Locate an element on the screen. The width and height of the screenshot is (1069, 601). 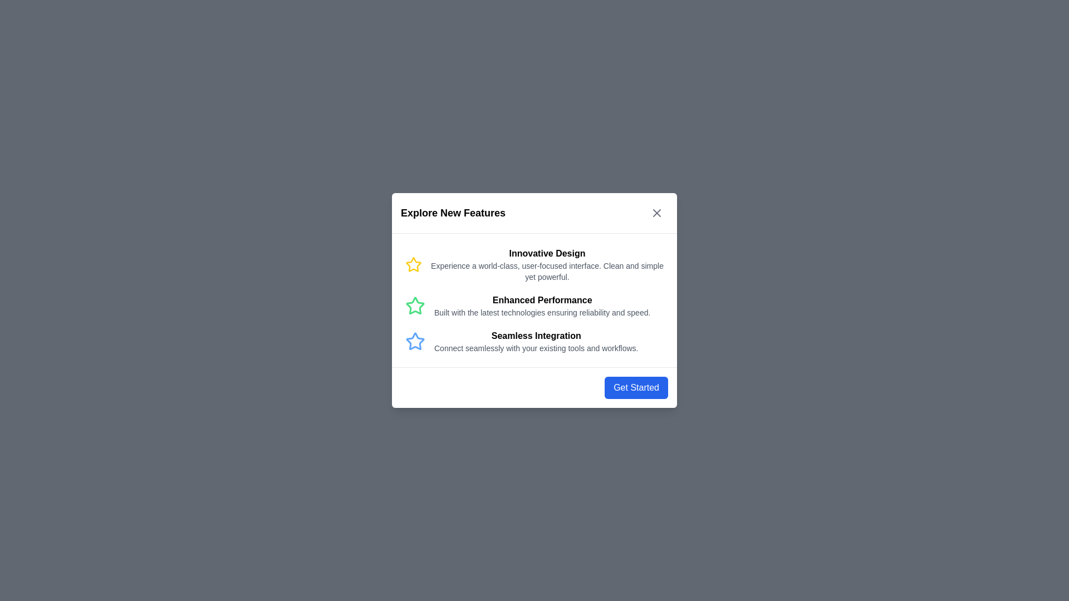
the leftmost icon in the 'Seamless Integration' section, which is located above the text 'Connect seamlessly with your existing tools and workflows.' is located at coordinates (414, 341).